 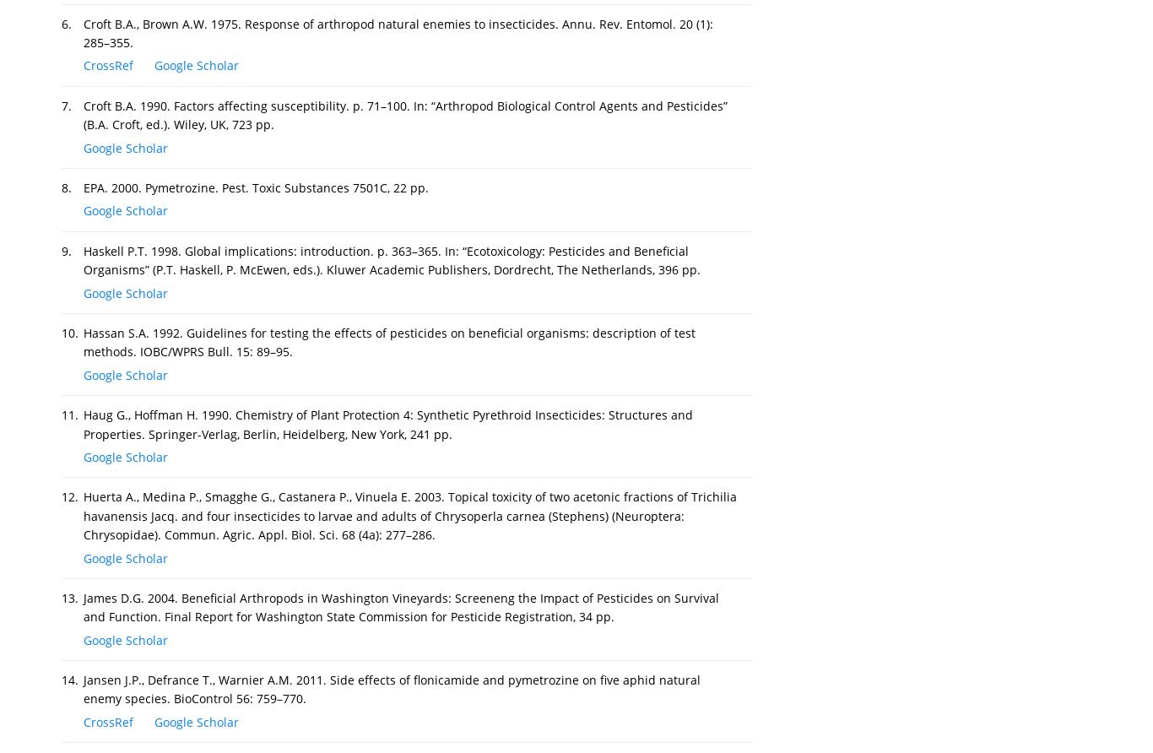 What do you see at coordinates (401, 607) in the screenshot?
I see `'James D.G. 2004. Beneficial Arthropods in Washington Vineyards: Screeneng the Impact of Pesticides on Survival and Function. Final Report for Washington State Commission for Pesticide Registration, 34 pp.'` at bounding box center [401, 607].